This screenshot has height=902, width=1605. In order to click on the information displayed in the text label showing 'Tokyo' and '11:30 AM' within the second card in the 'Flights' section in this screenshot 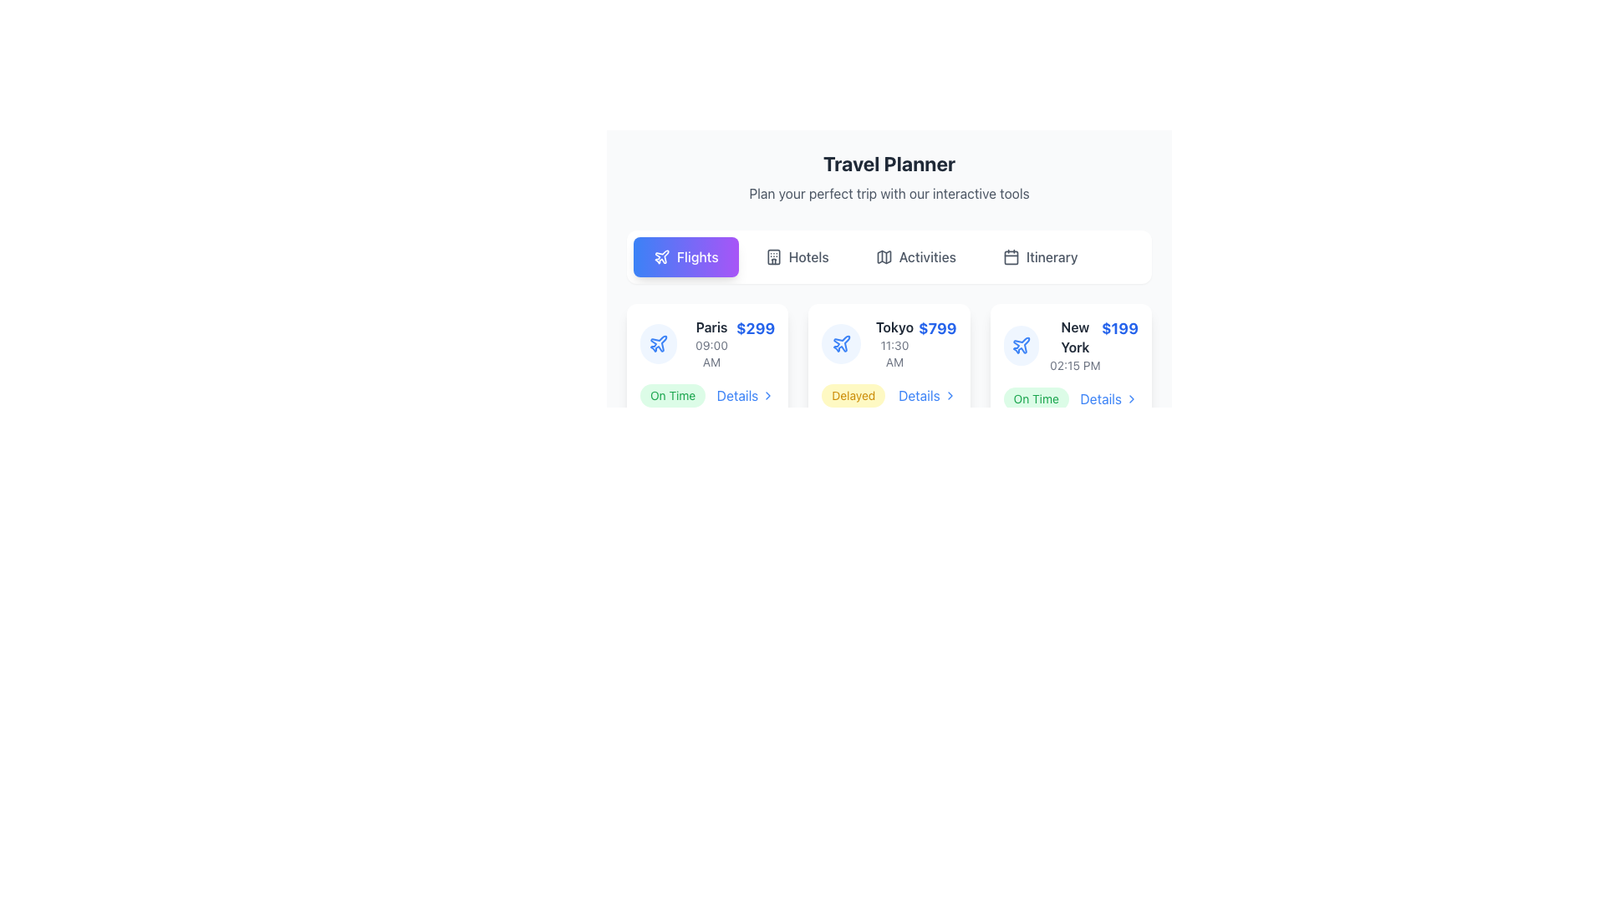, I will do `click(894, 343)`.